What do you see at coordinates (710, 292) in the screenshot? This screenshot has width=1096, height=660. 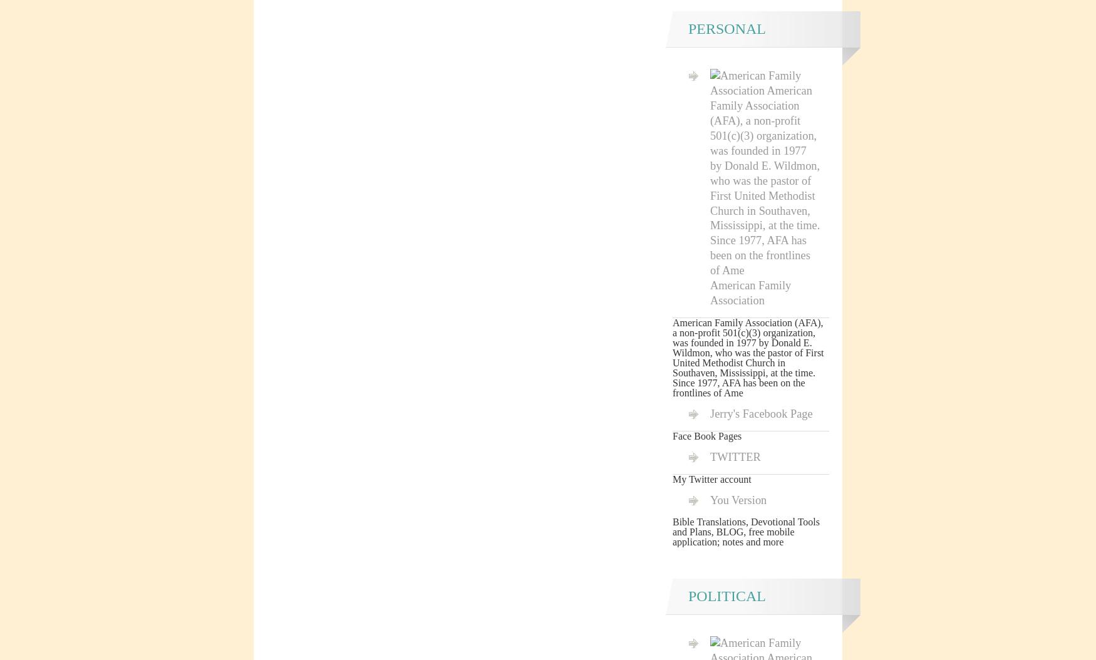 I see `'American Family Association'` at bounding box center [710, 292].